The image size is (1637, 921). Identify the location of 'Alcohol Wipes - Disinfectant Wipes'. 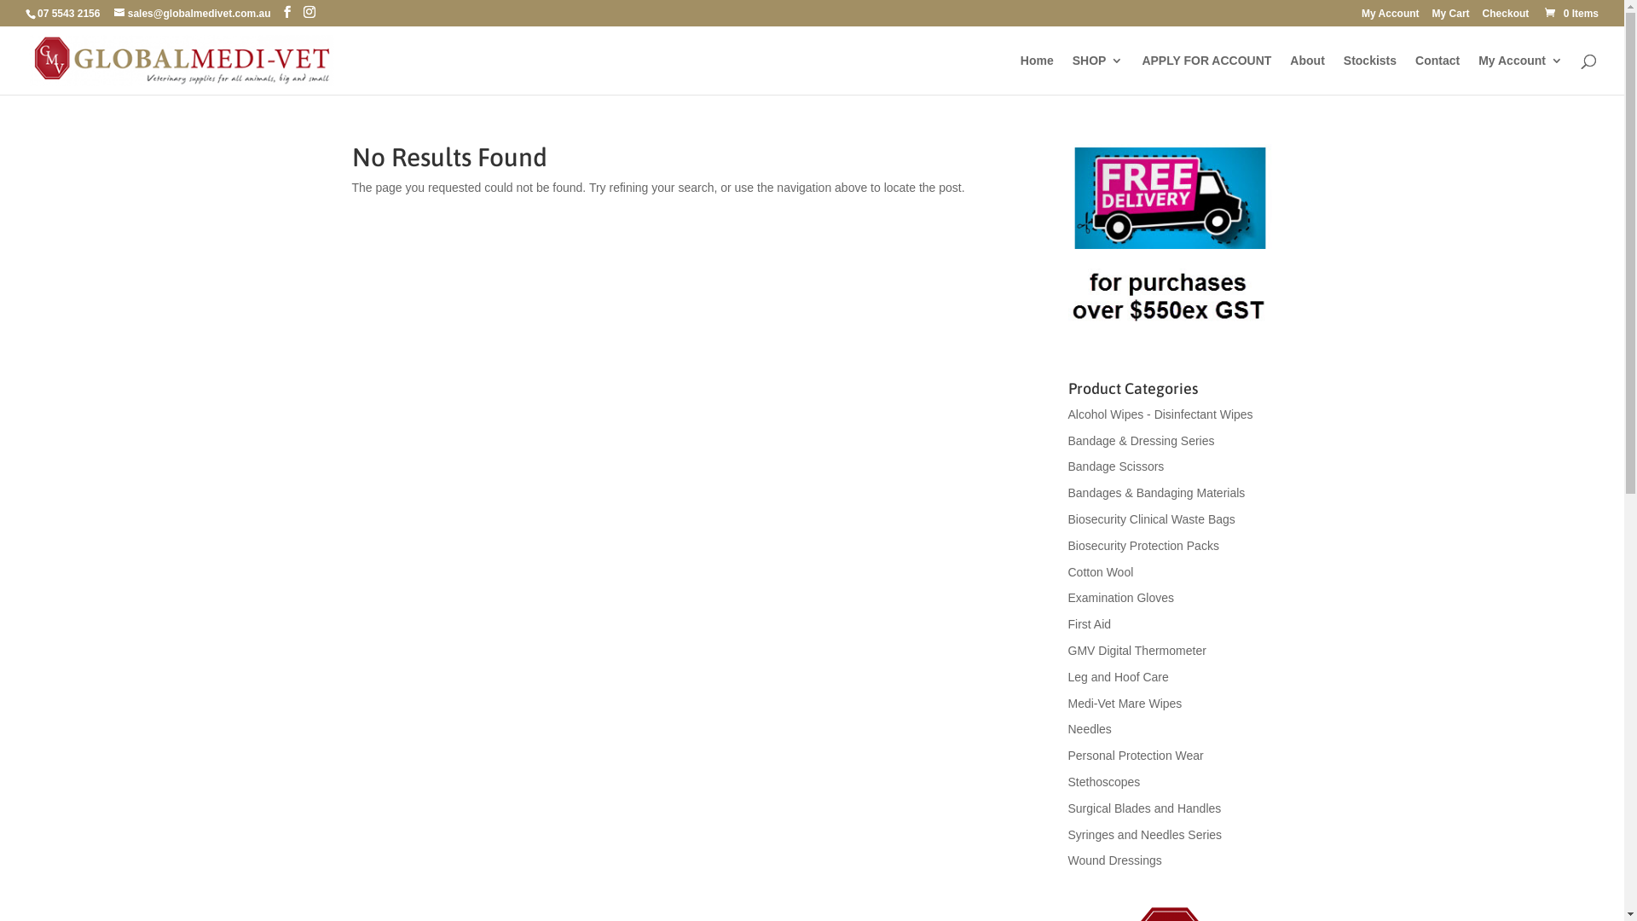
(1067, 414).